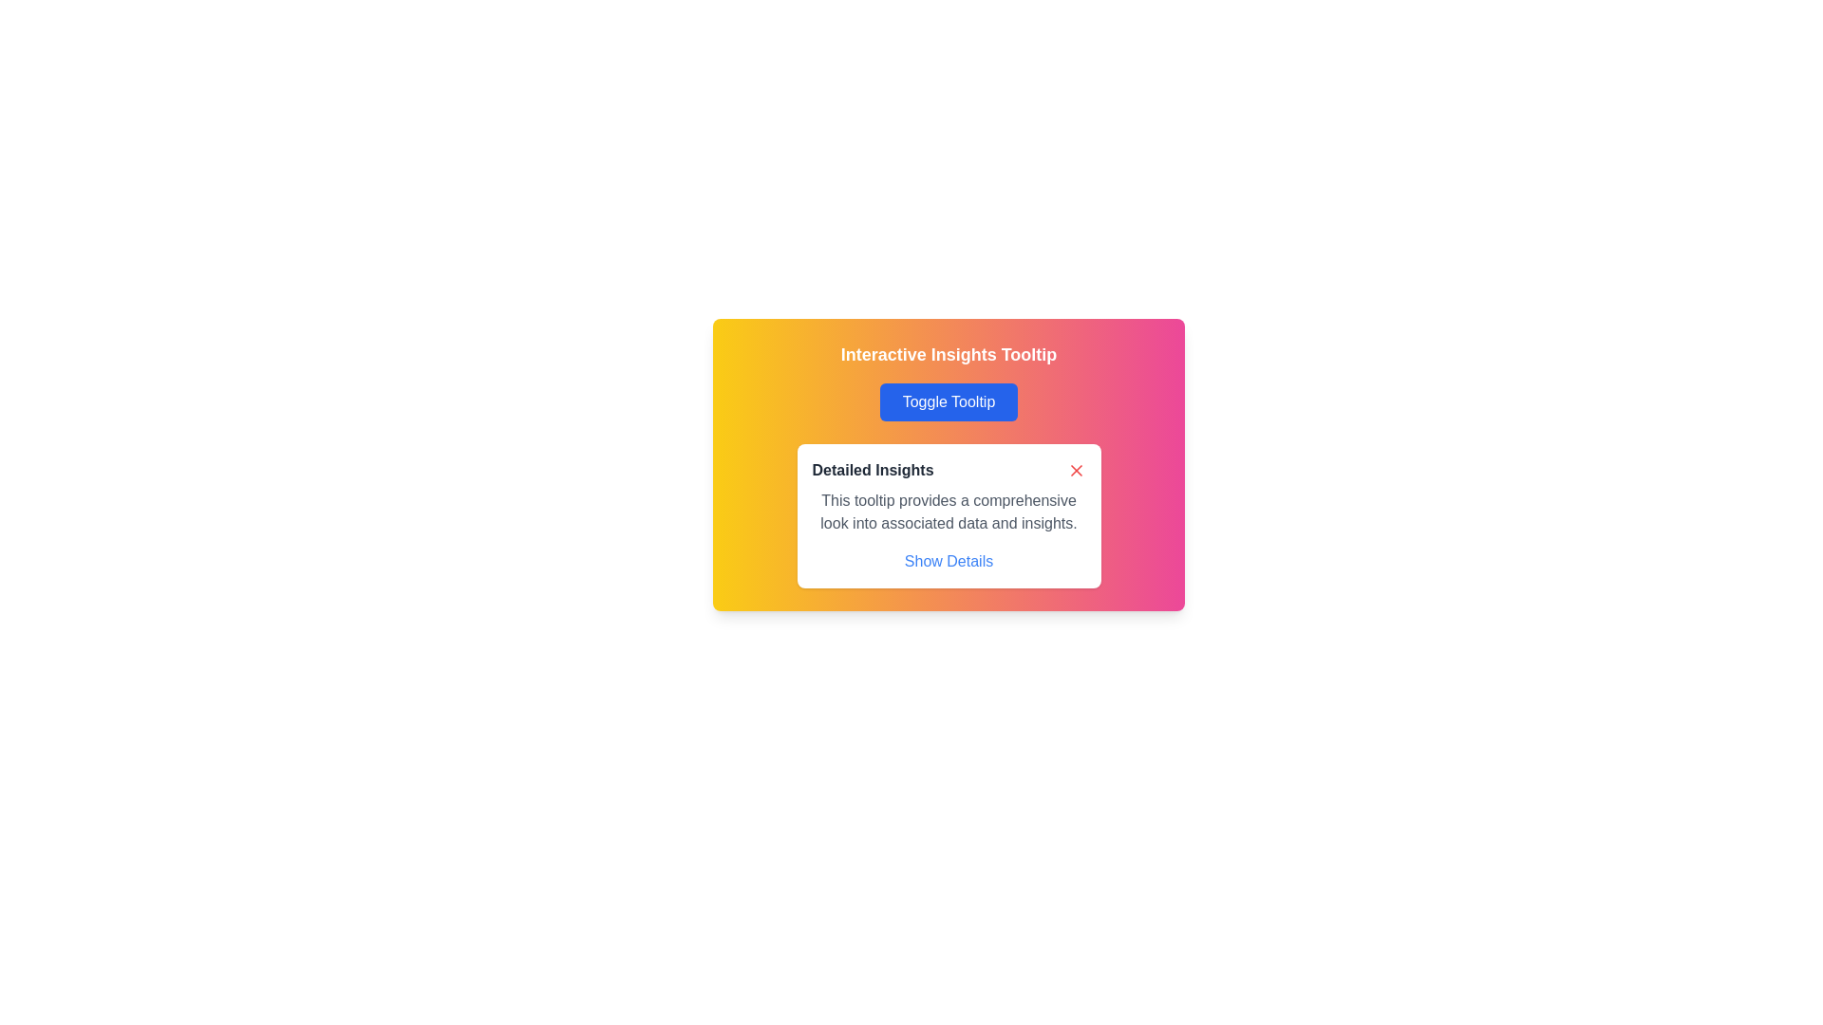 This screenshot has width=1823, height=1025. Describe the element at coordinates (949, 560) in the screenshot. I see `the link located at the bottom of a white tooltip box with rounded corners, centered horizontally within the box and below the descriptive text, to follow its action` at that location.